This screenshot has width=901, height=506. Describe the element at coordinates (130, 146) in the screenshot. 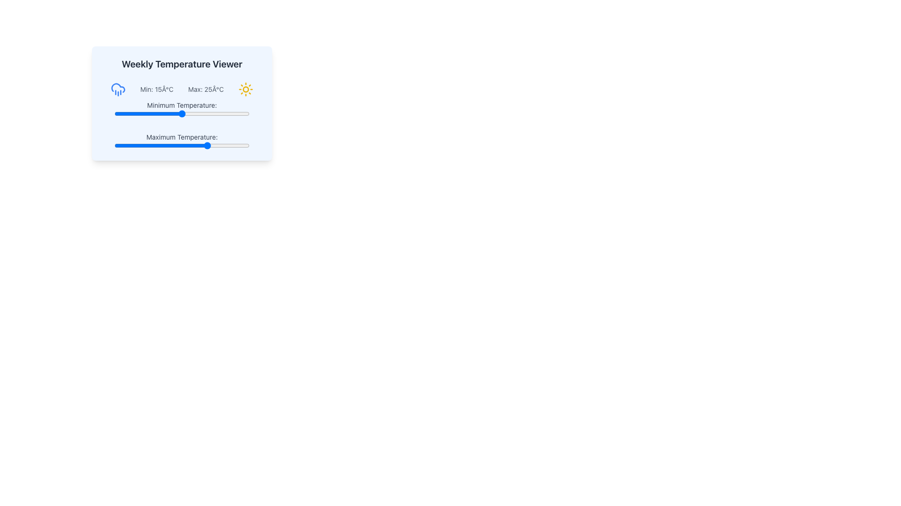

I see `the maximum temperature` at that location.